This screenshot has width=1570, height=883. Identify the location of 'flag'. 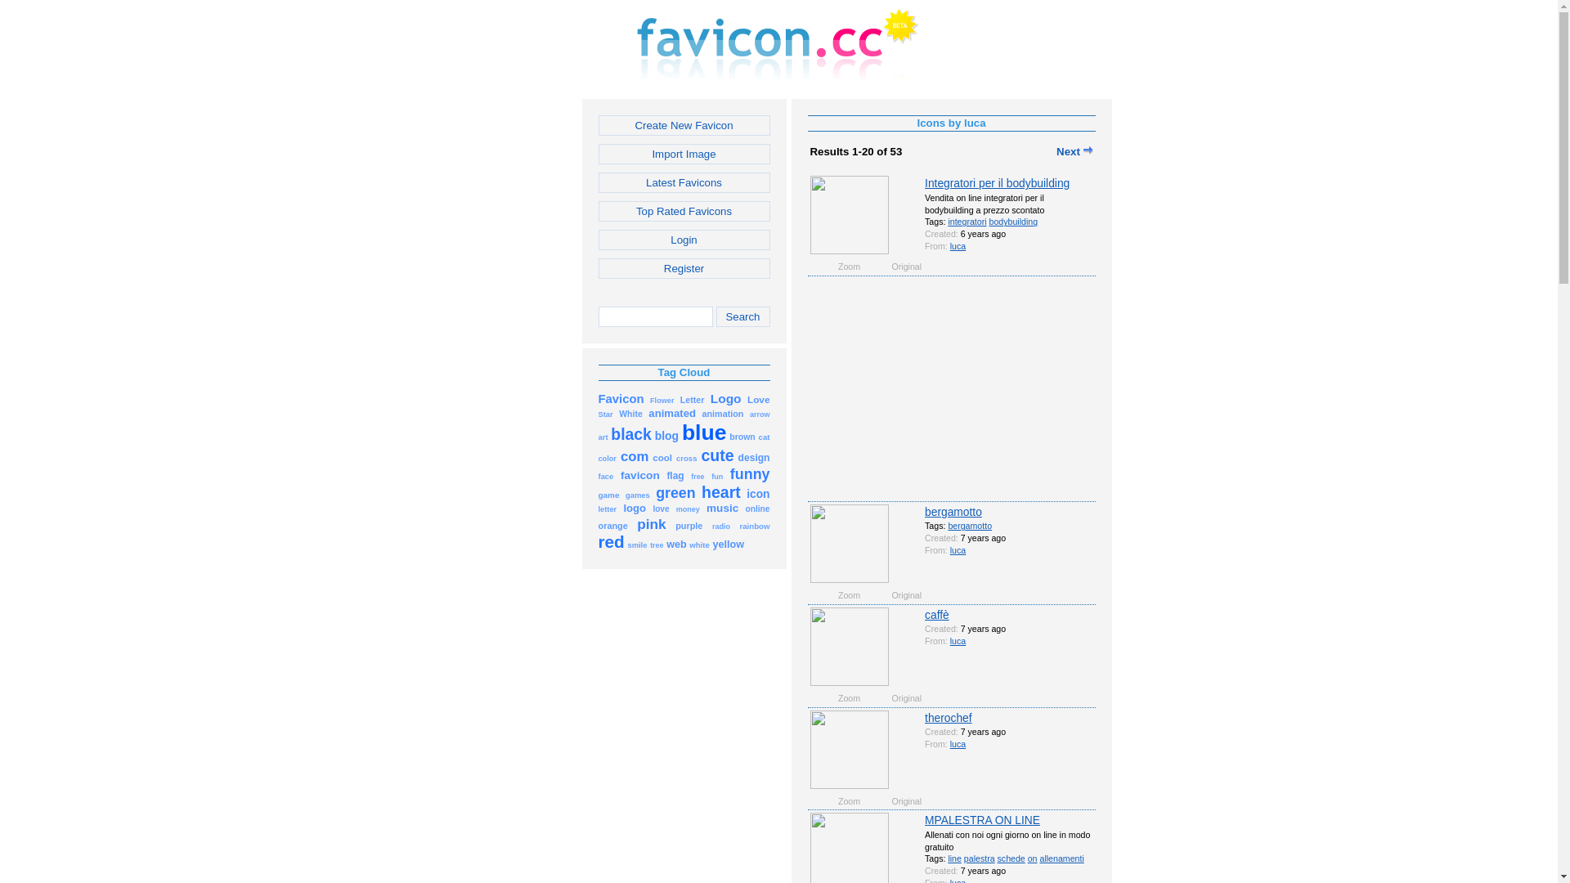
(675, 475).